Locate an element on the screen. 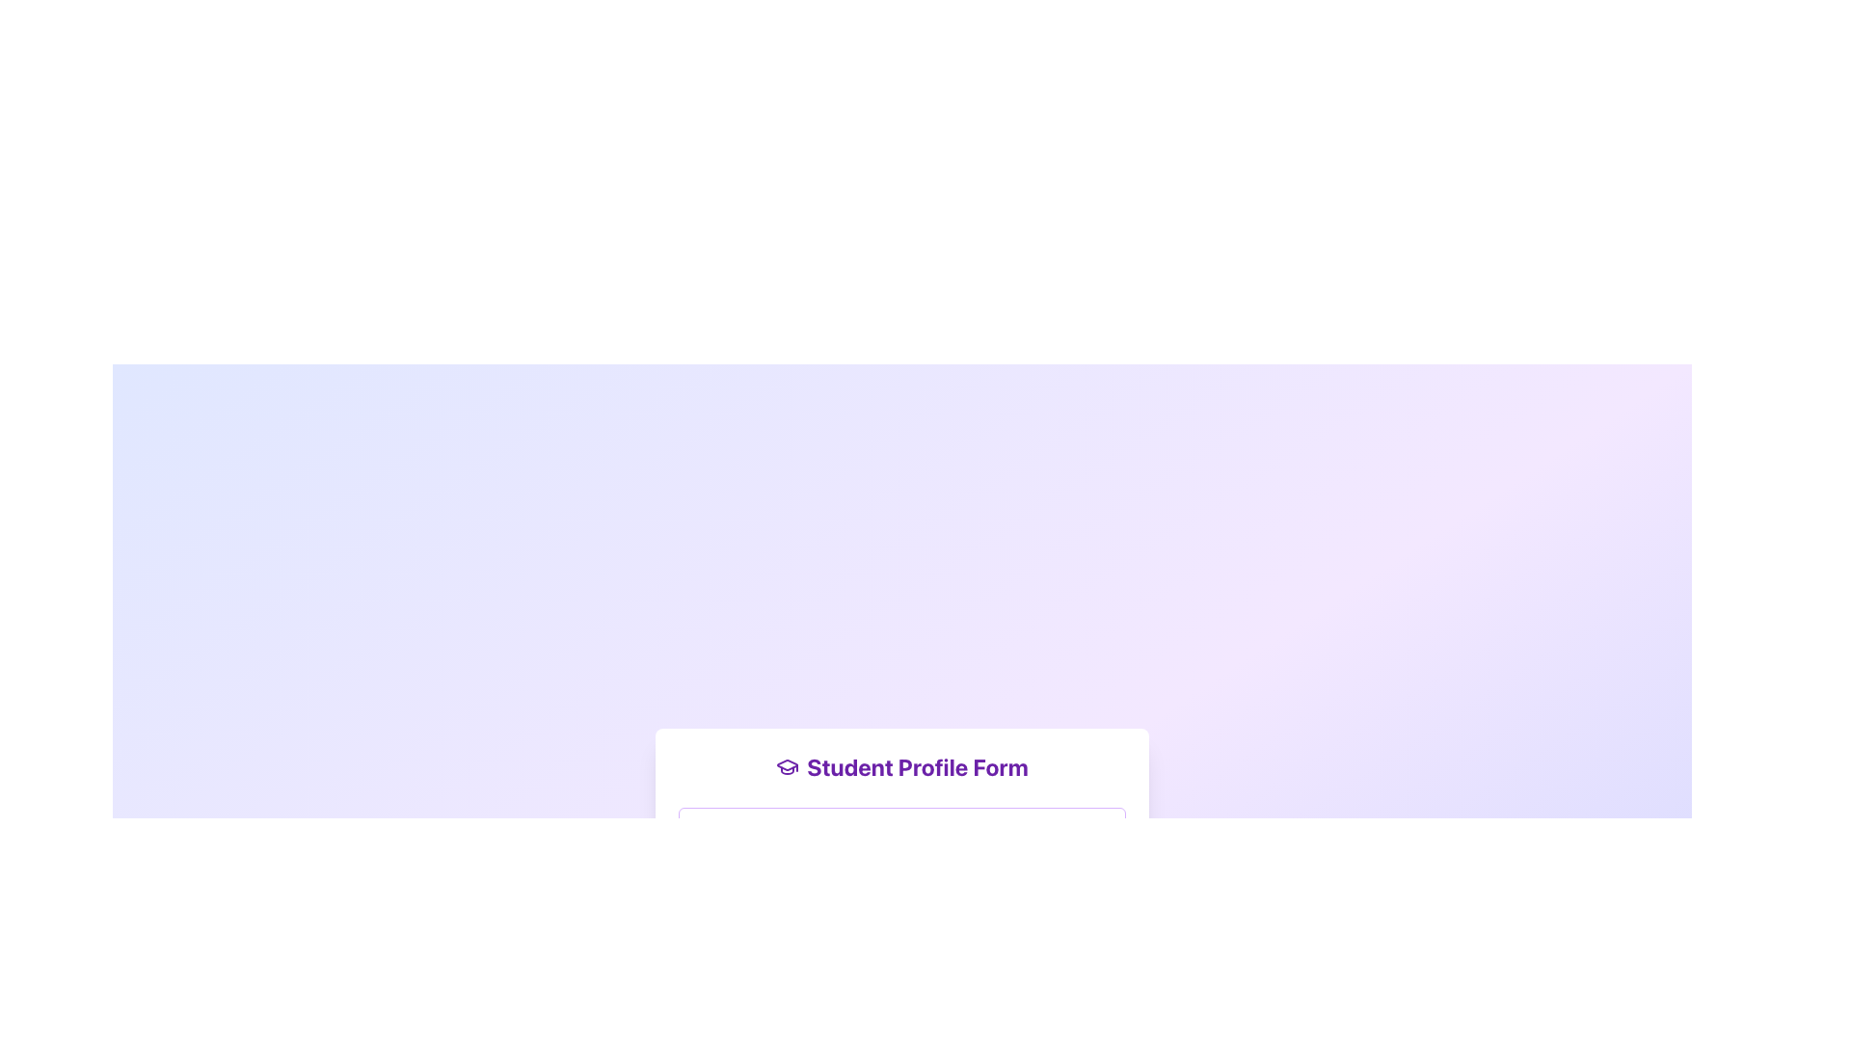 The height and width of the screenshot is (1041, 1851). the decorative education icon located to the left of the 'Student Profile Form' heading at the top center of the interface is located at coordinates (788, 765).